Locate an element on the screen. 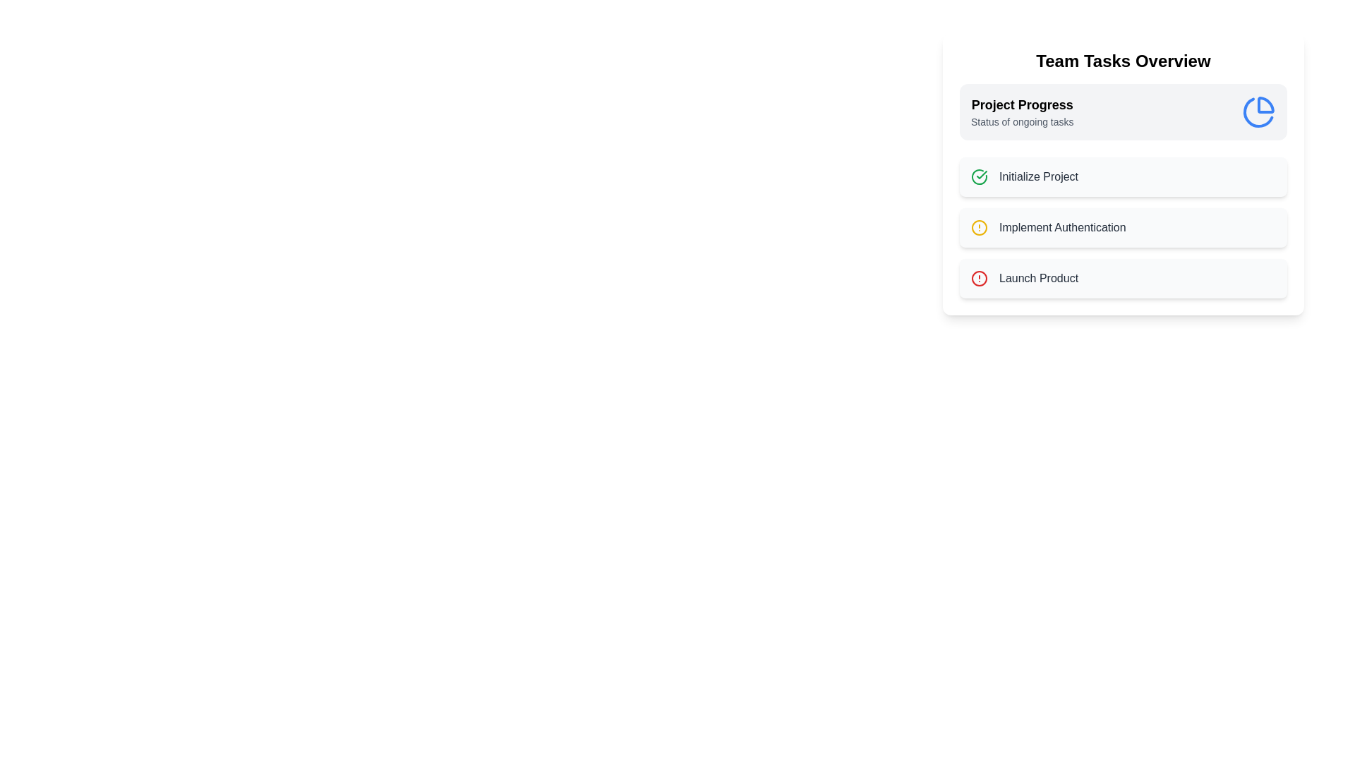 This screenshot has height=762, width=1355. the icon corresponding to Implement Authentication to view its tooltip is located at coordinates (978, 227).